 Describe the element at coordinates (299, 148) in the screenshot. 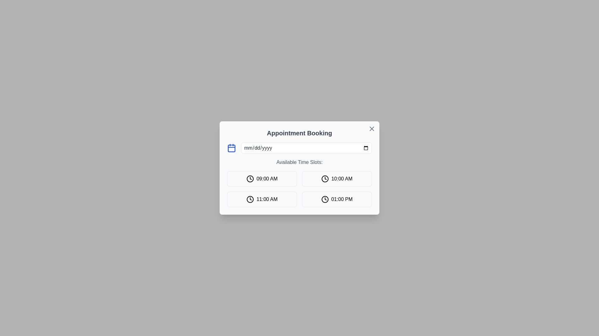

I see `the Date input field located below the 'Appointment Booking' title` at that location.